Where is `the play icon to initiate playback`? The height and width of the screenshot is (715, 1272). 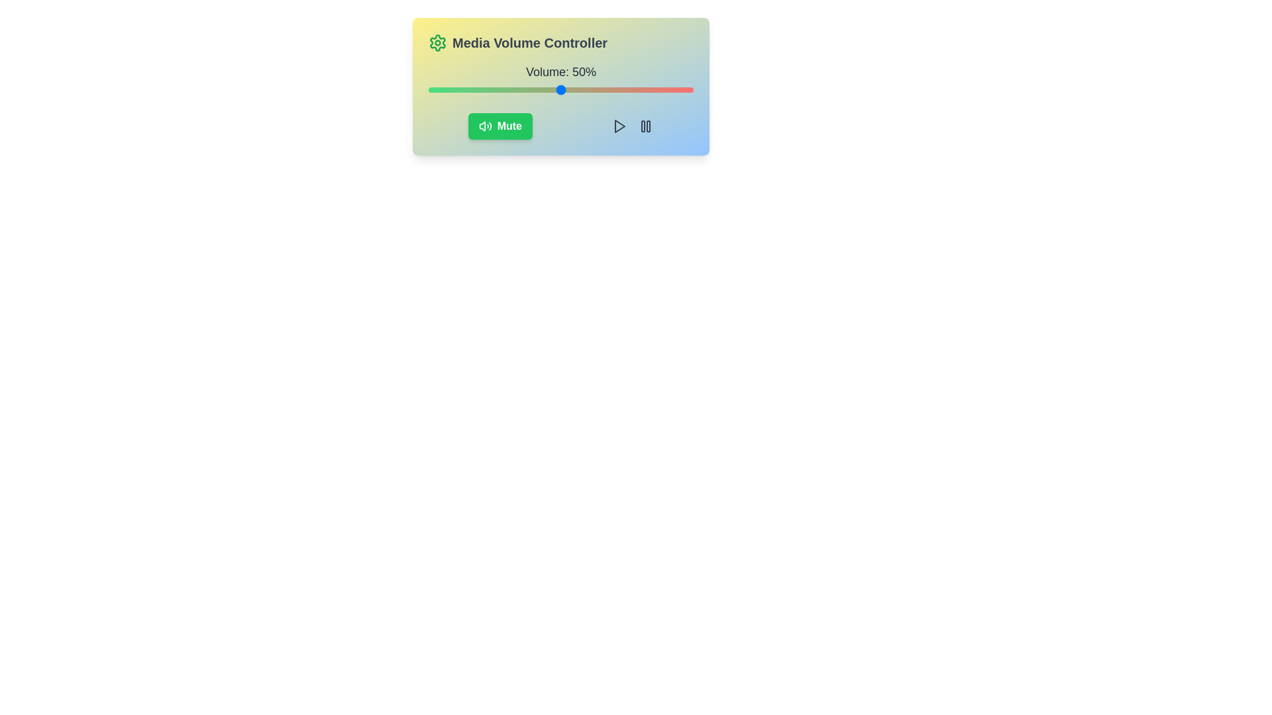 the play icon to initiate playback is located at coordinates (619, 126).